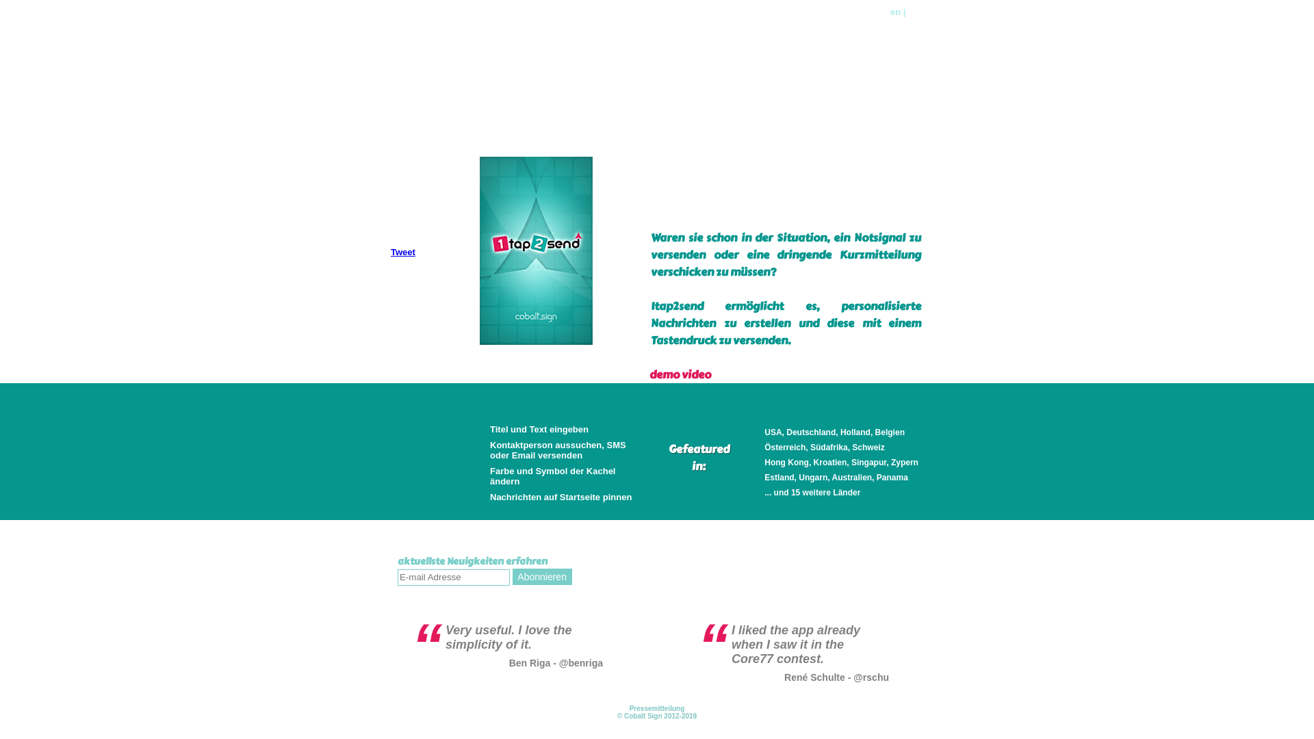 Image resolution: width=1314 pixels, height=739 pixels. I want to click on 'Tweet', so click(402, 252).